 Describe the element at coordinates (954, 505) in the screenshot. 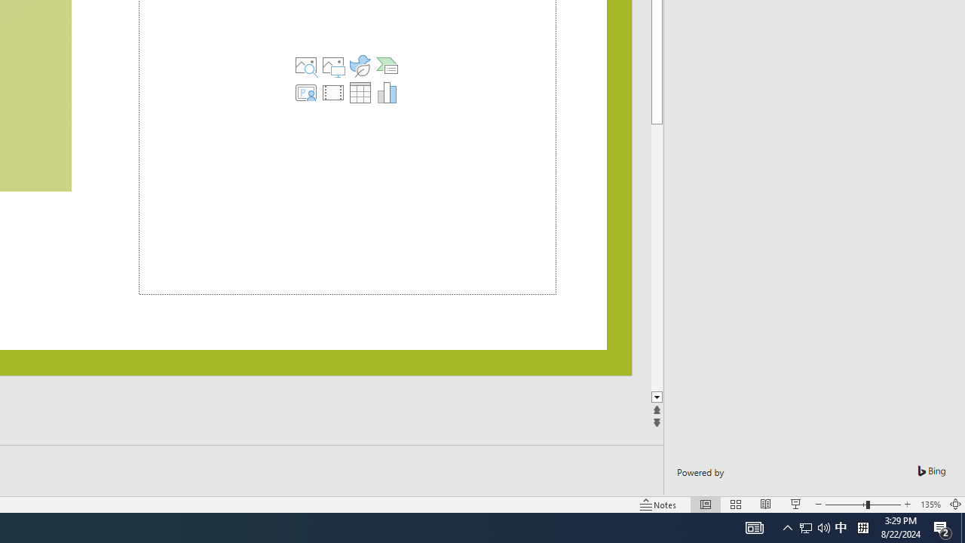

I see `'Zoom to Fit '` at that location.